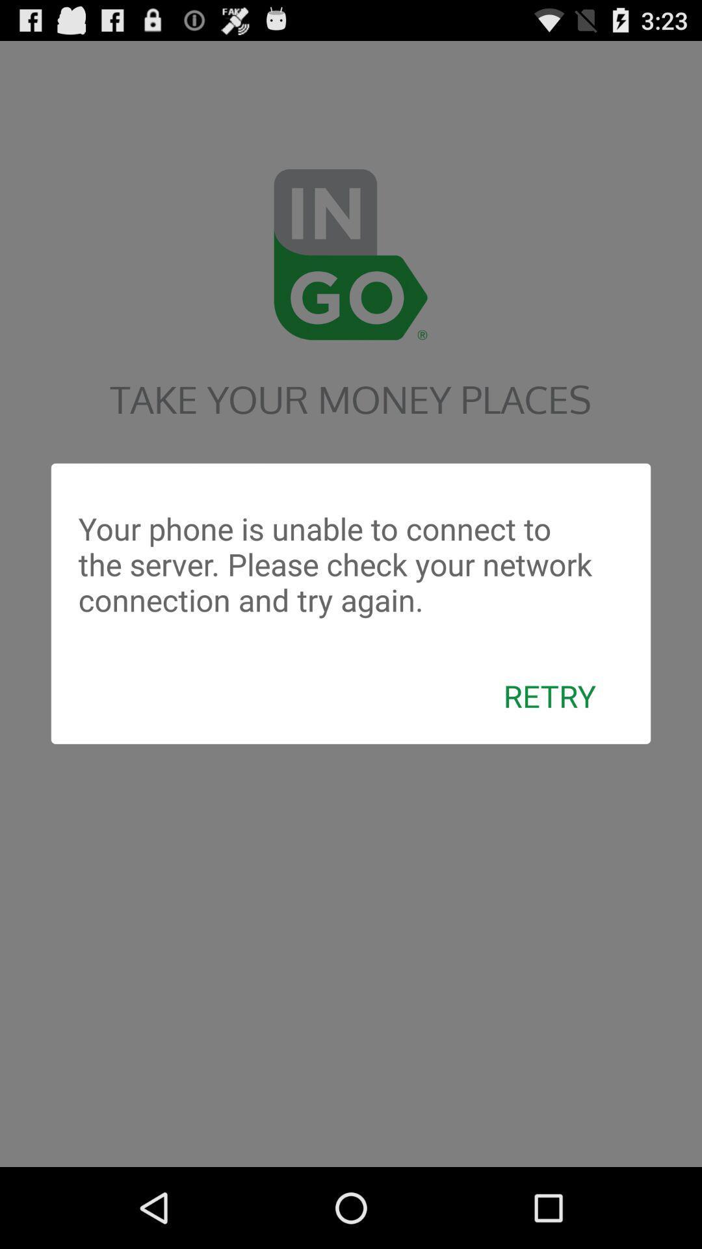 The height and width of the screenshot is (1249, 702). I want to click on the item below your phone is item, so click(549, 695).